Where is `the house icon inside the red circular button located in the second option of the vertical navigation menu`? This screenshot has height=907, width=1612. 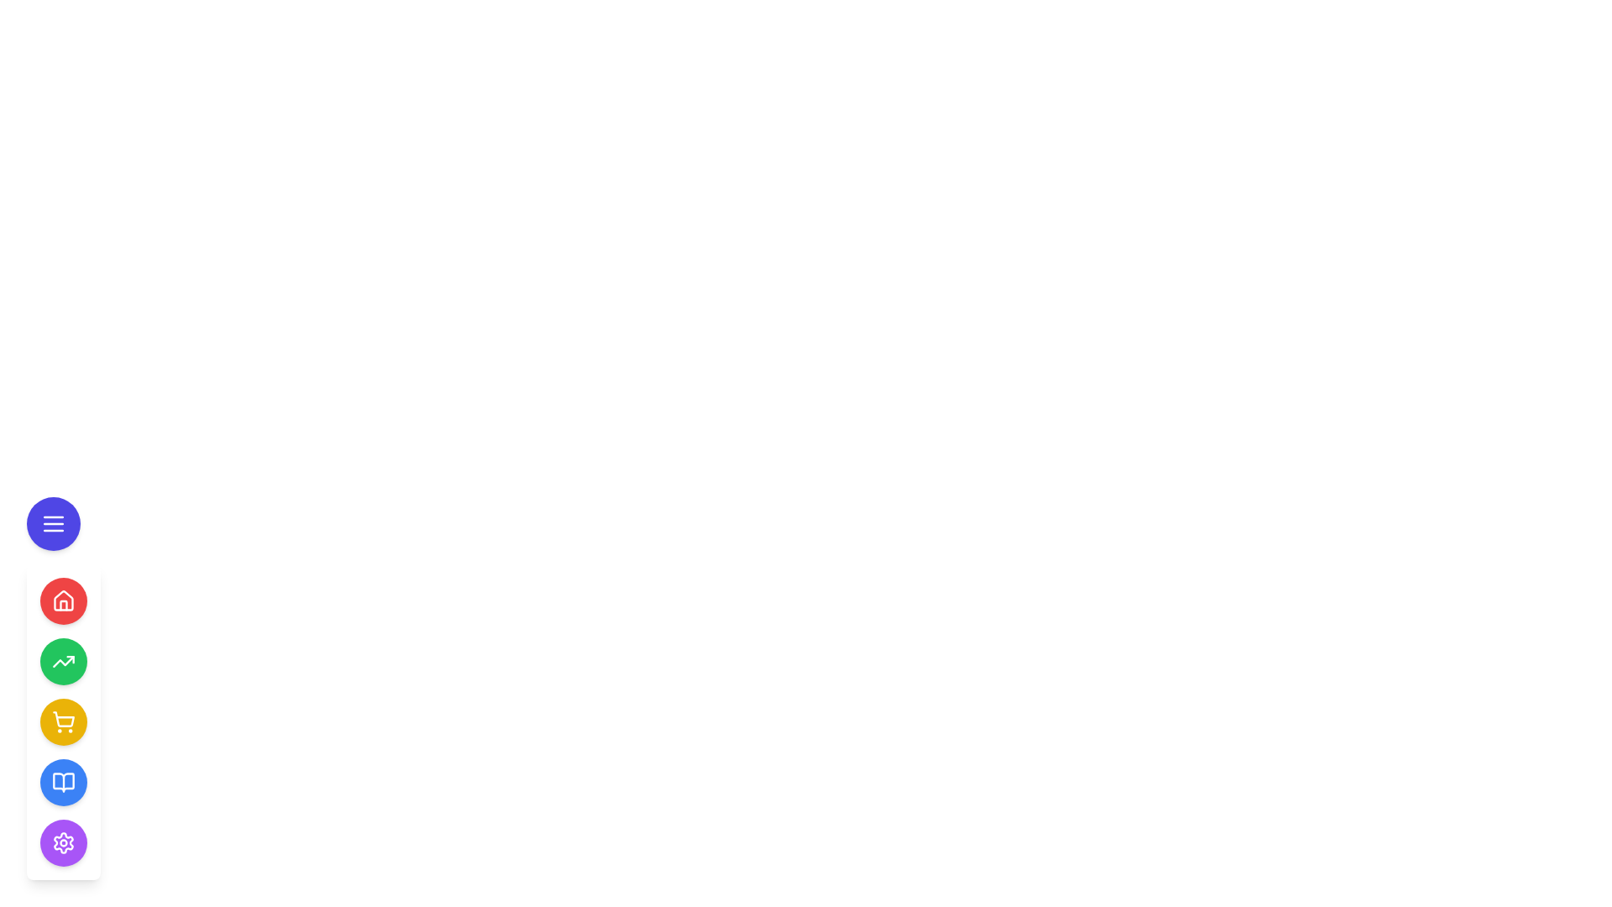
the house icon inside the red circular button located in the second option of the vertical navigation menu is located at coordinates (64, 600).